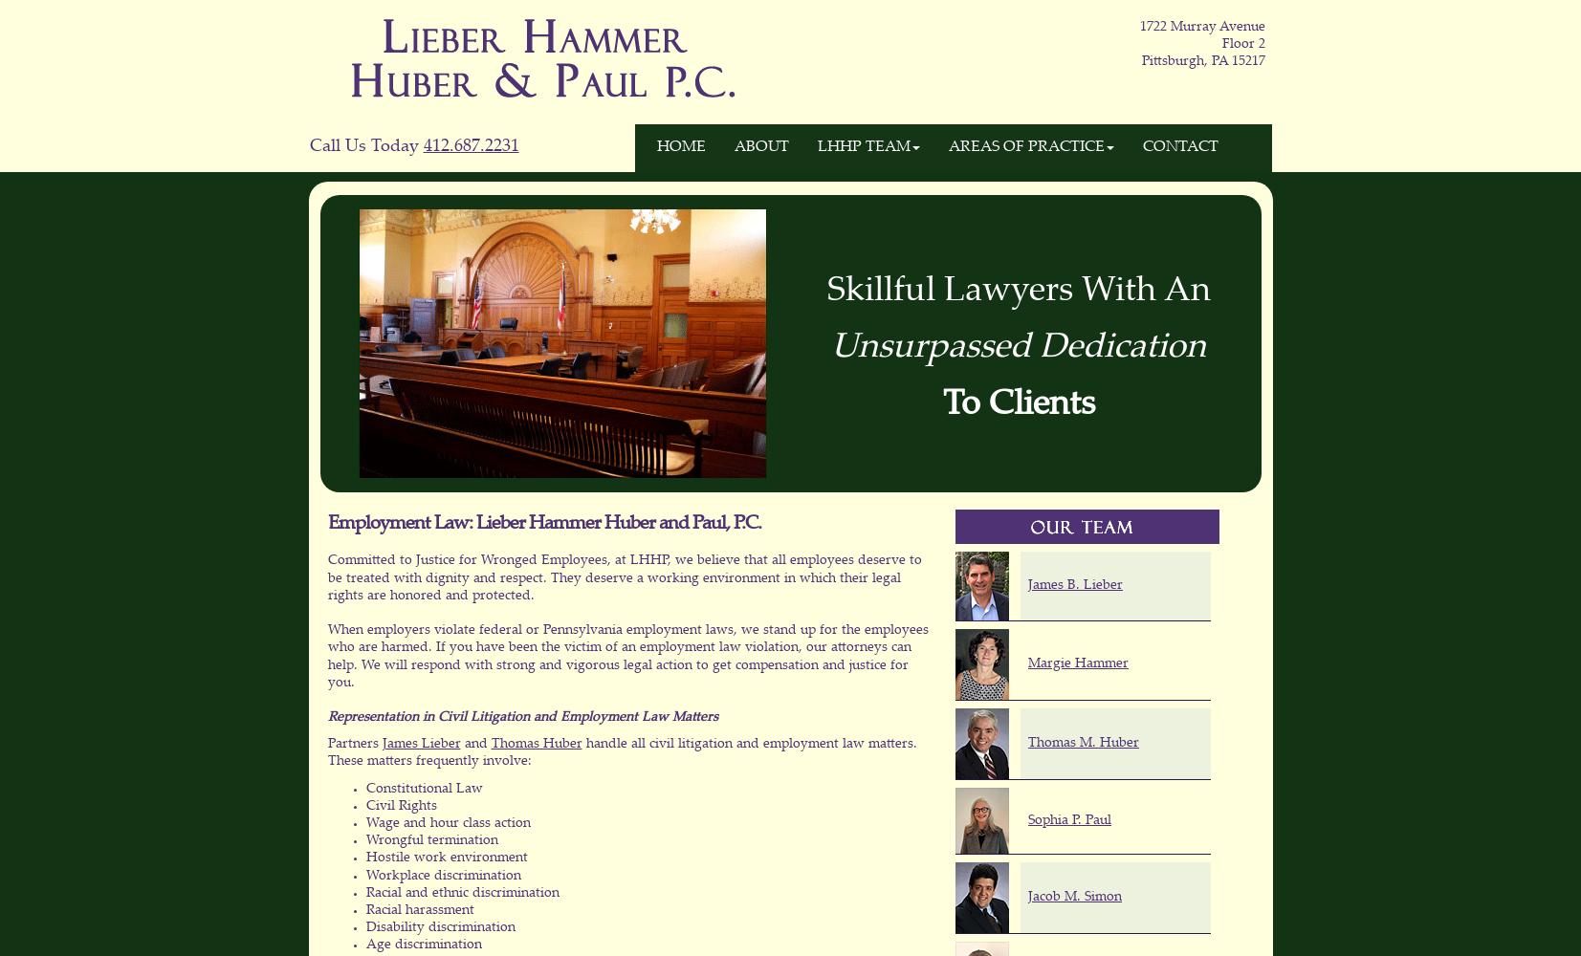 This screenshot has width=1581, height=956. Describe the element at coordinates (623, 577) in the screenshot. I see `'Committed to Justice for Wronged Employees, at LHHP, we believe that all employees deserve to be treated with dignity and respect. They deserve a working environment in which their legal rights are honored and protected.'` at that location.